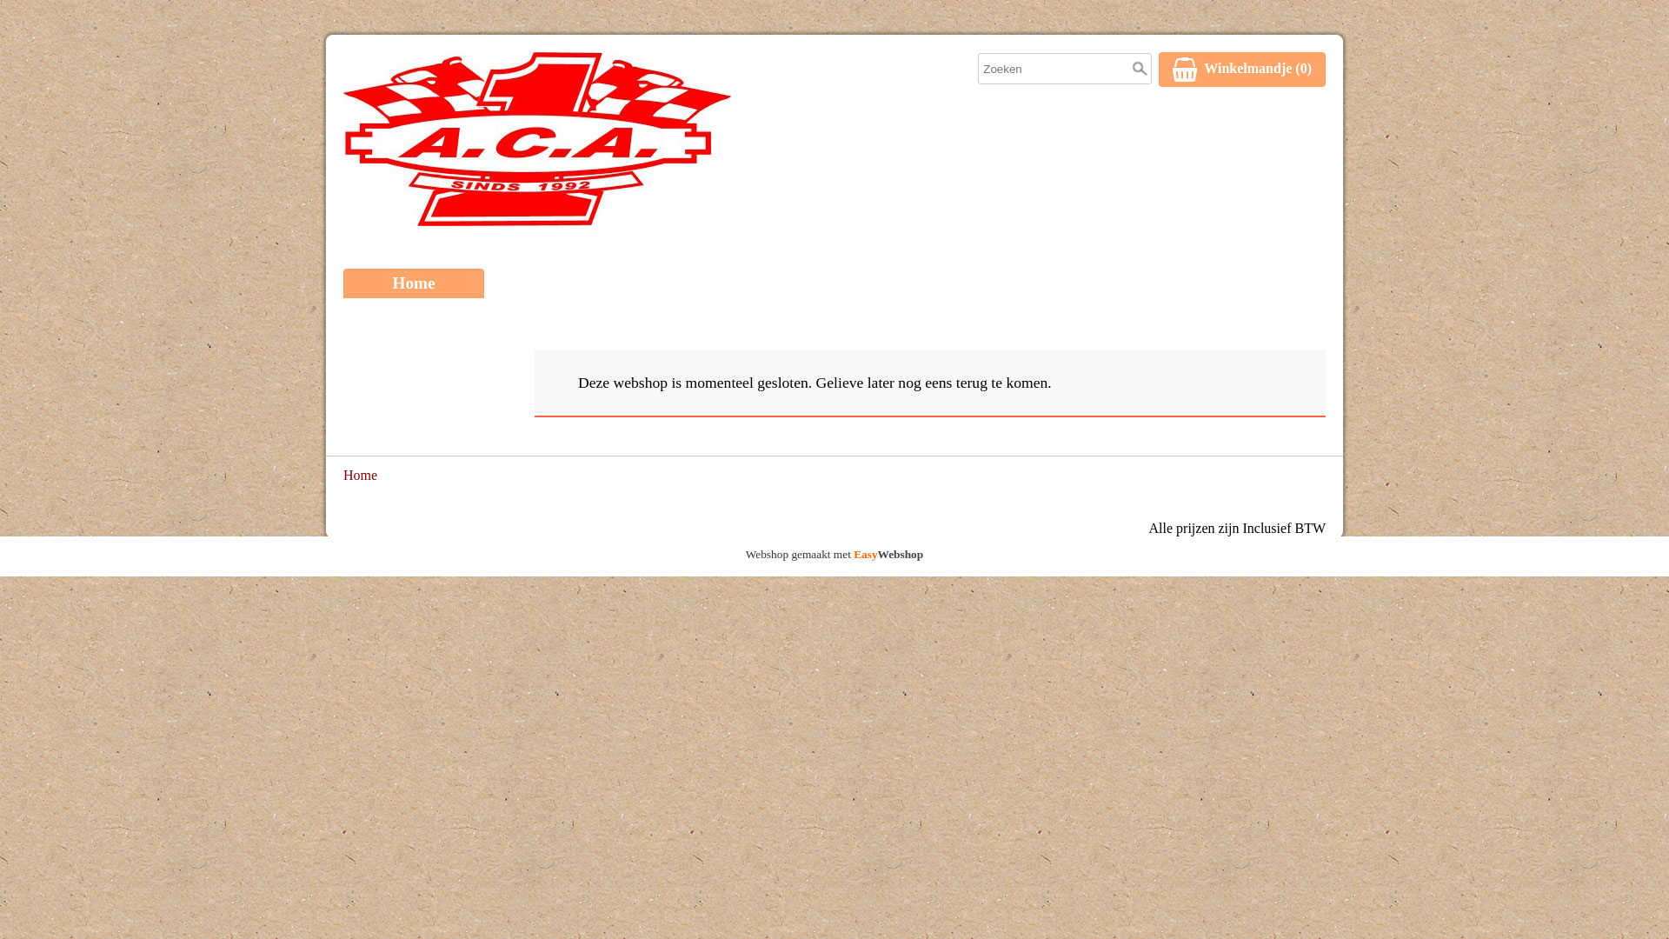 This screenshot has height=939, width=1669. I want to click on 'Home', so click(412, 283).